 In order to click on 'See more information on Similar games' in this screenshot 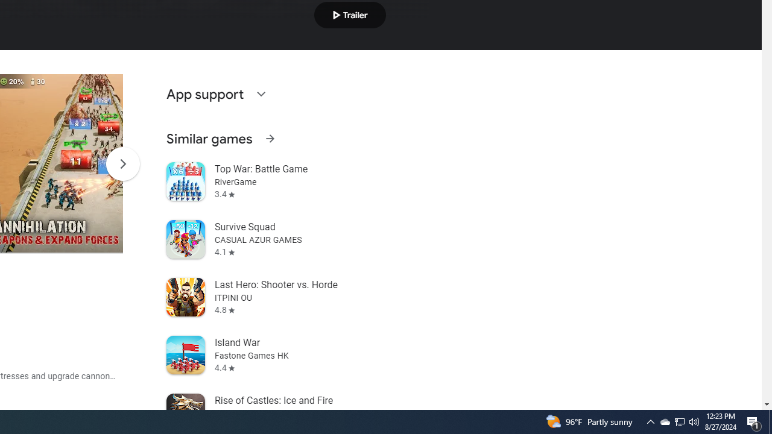, I will do `click(269, 138)`.